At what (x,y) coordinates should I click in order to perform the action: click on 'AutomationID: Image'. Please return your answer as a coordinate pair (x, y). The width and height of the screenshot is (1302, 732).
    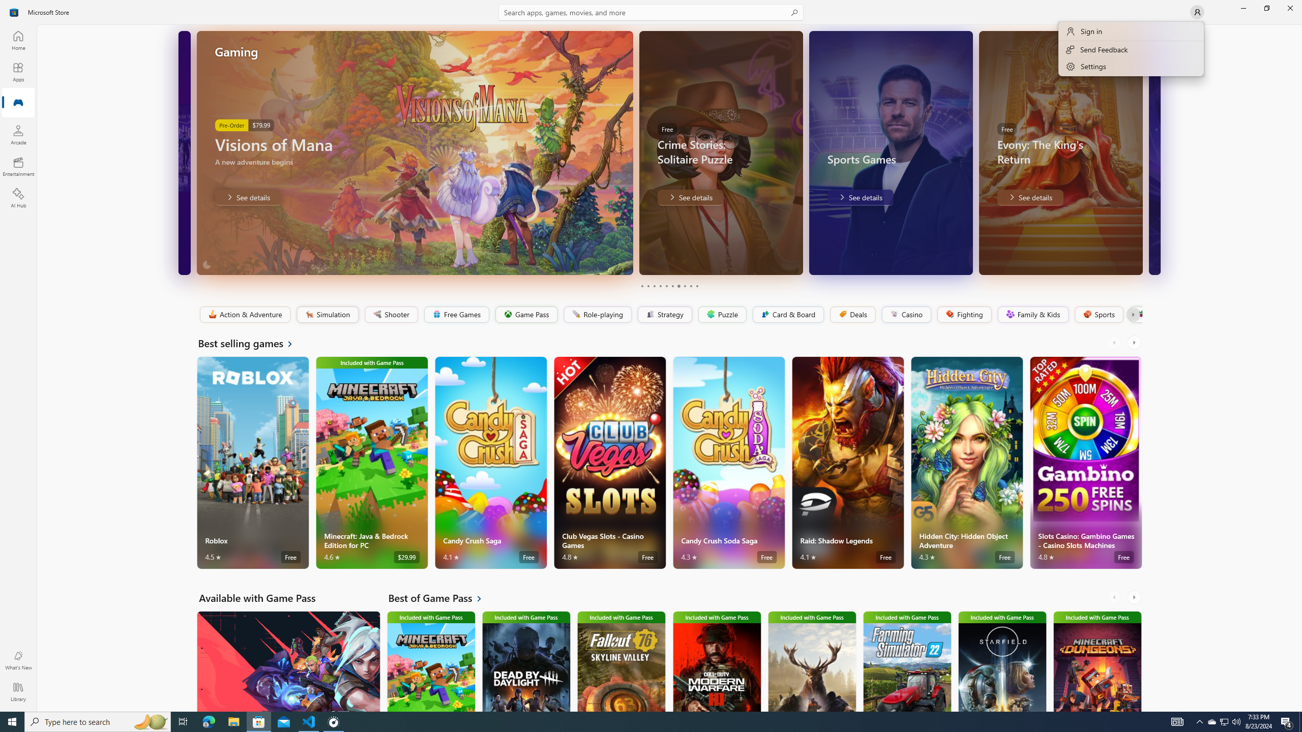
    Looking at the image, I should click on (1153, 152).